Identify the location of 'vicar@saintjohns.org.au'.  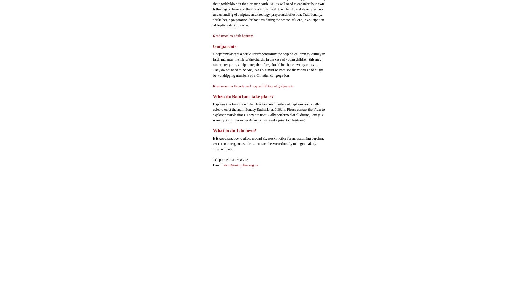
(241, 165).